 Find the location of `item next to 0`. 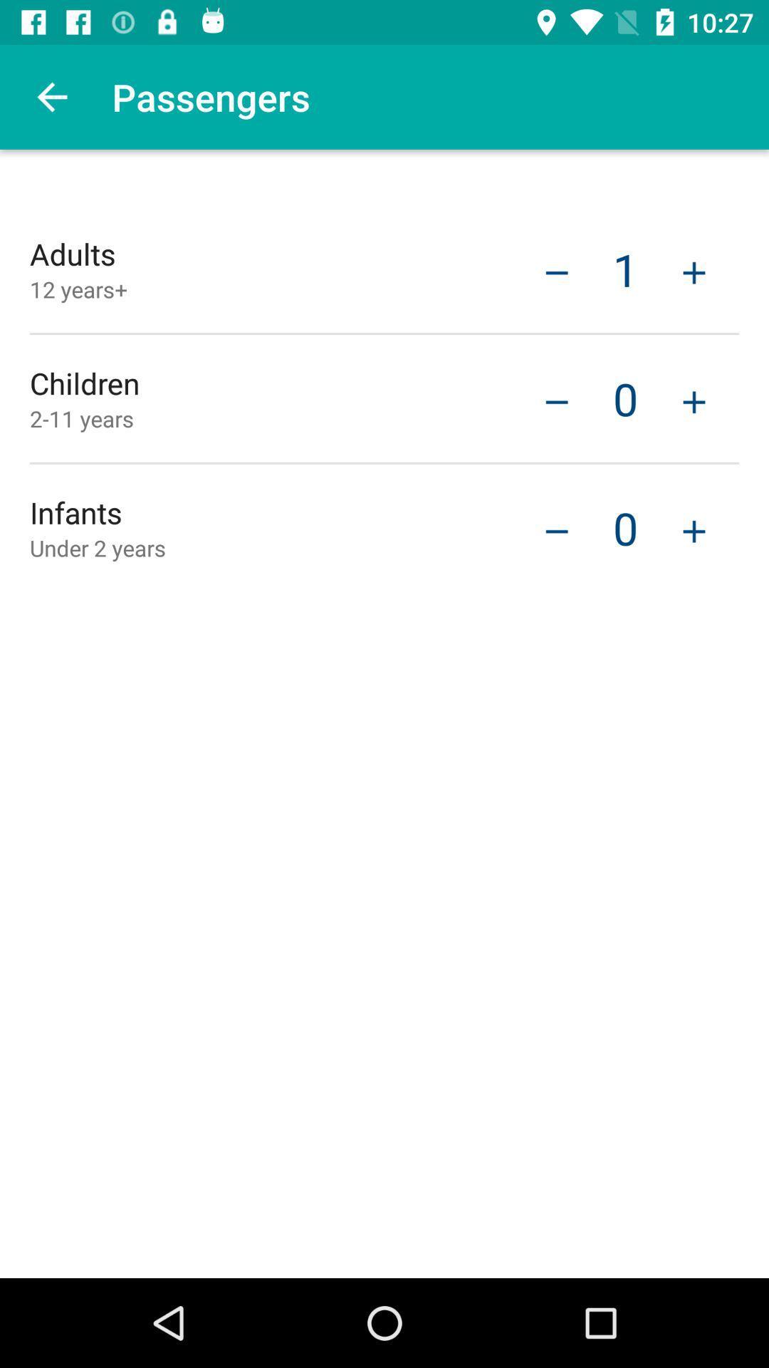

item next to 0 is located at coordinates (694, 400).